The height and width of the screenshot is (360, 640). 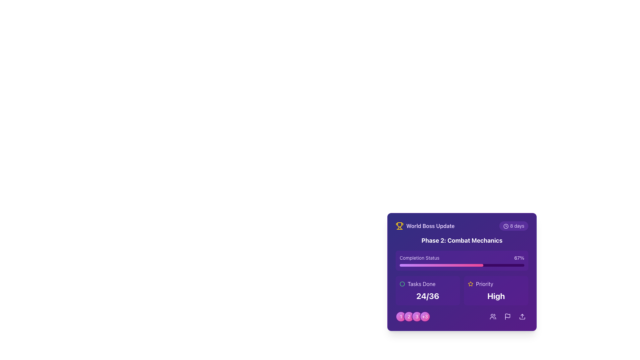 I want to click on the upload button represented by a rounded rectangle with a purple upload icon in the center, located in the bottom-right corner of the card interface to initiate an upload action, so click(x=522, y=316).